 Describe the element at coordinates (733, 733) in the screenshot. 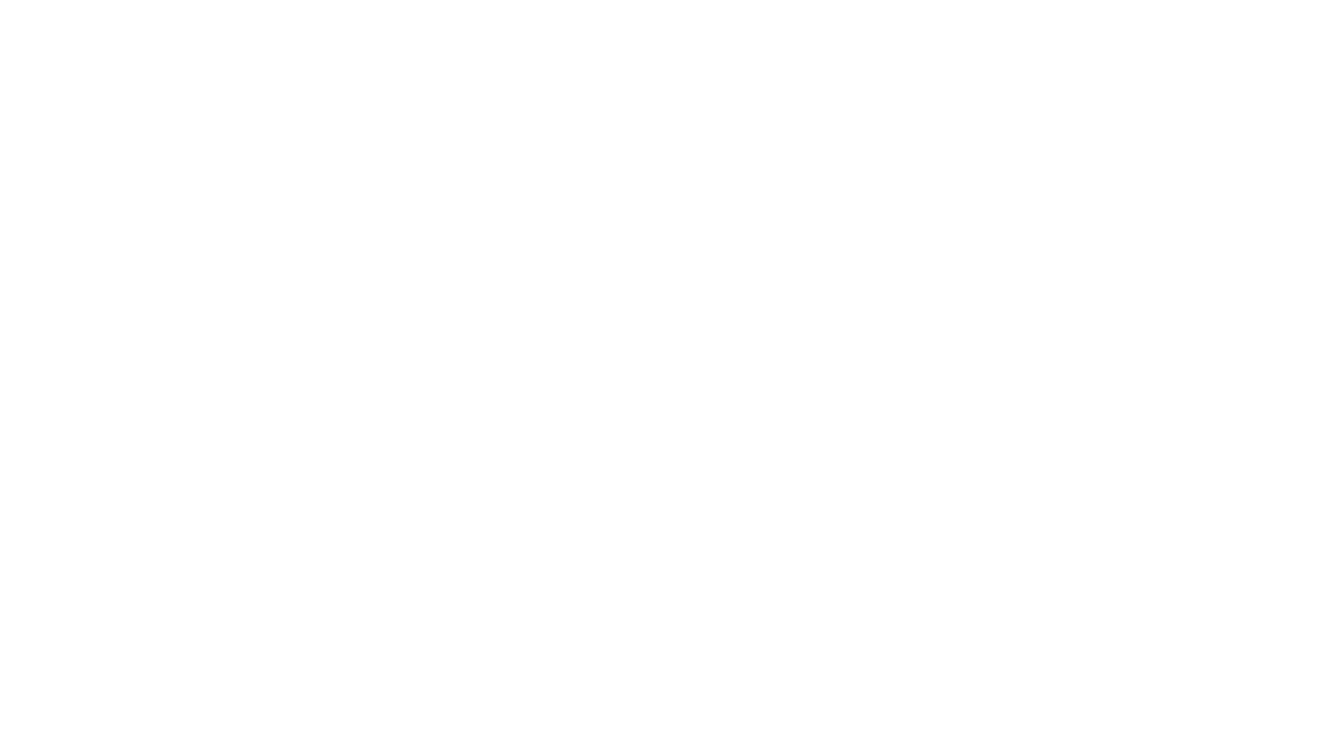

I see `'Cloudflare'` at that location.